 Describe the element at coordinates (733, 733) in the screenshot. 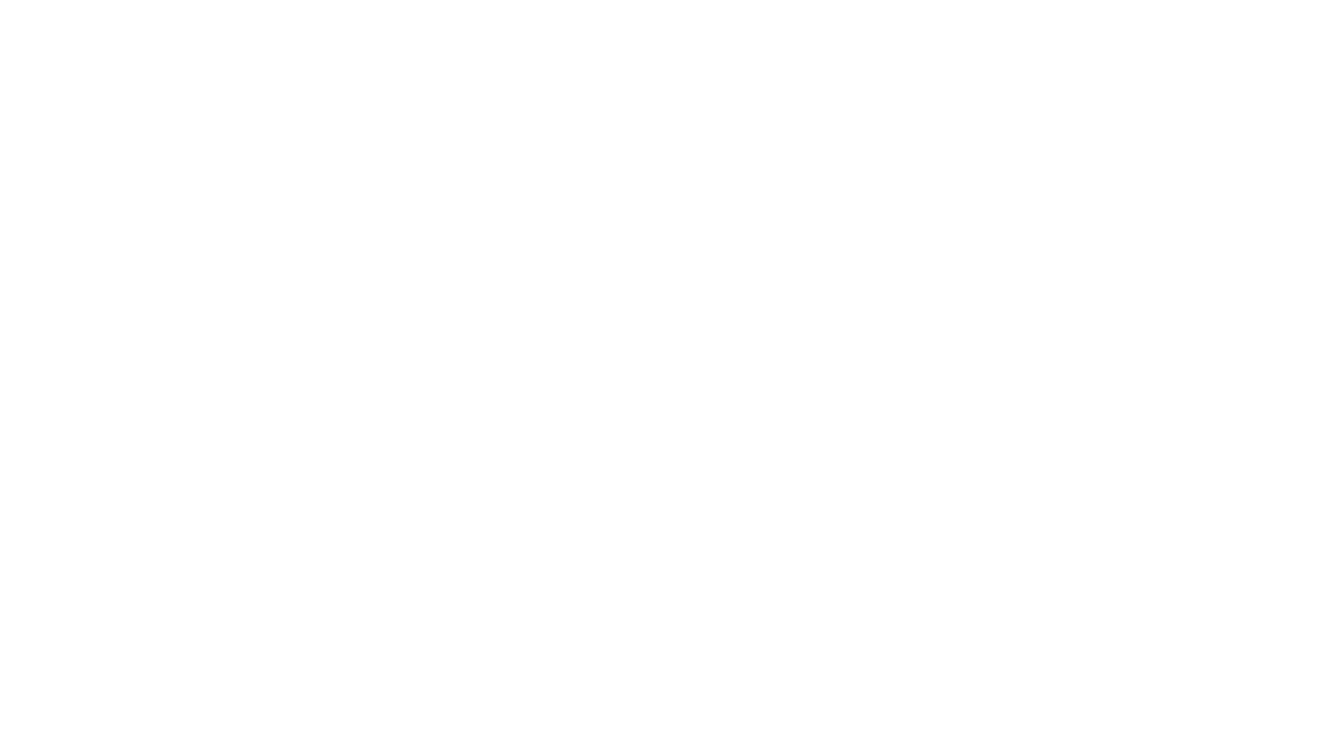

I see `'Cloudflare'` at that location.